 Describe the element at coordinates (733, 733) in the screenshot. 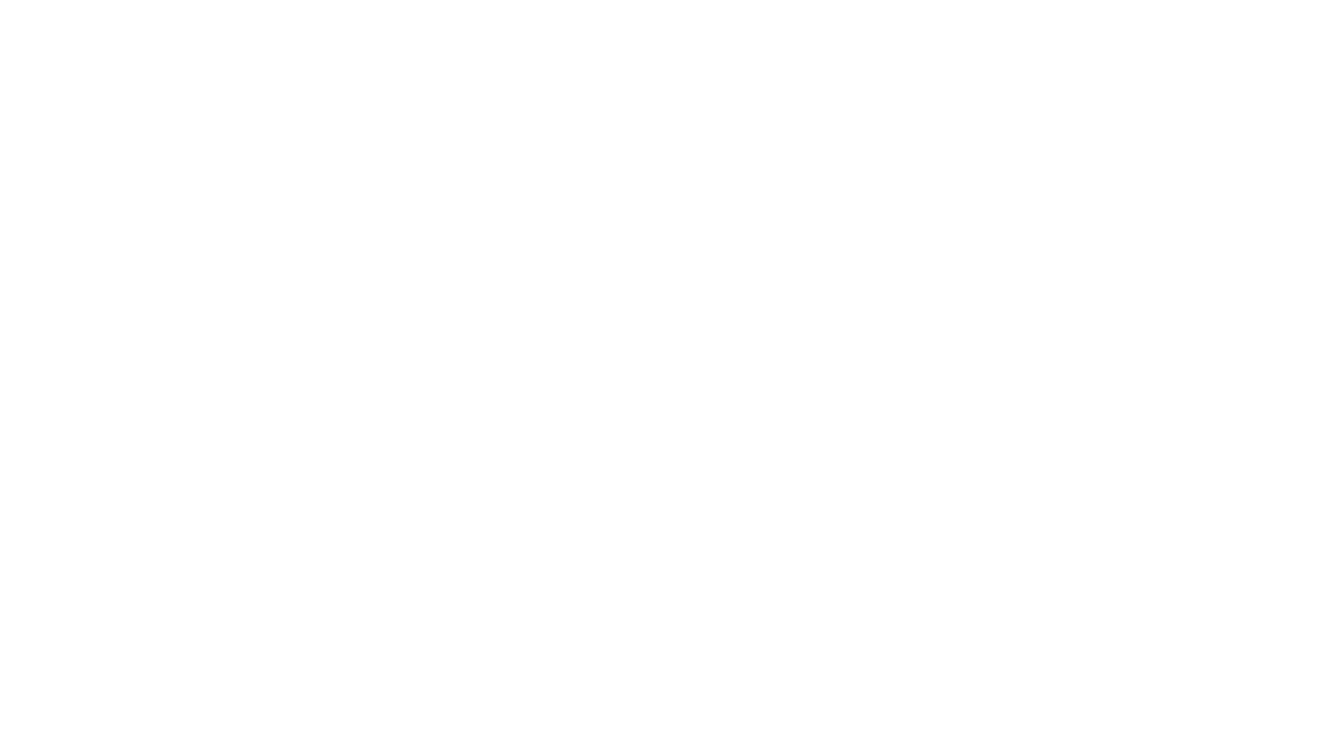

I see `'Cloudflare'` at that location.